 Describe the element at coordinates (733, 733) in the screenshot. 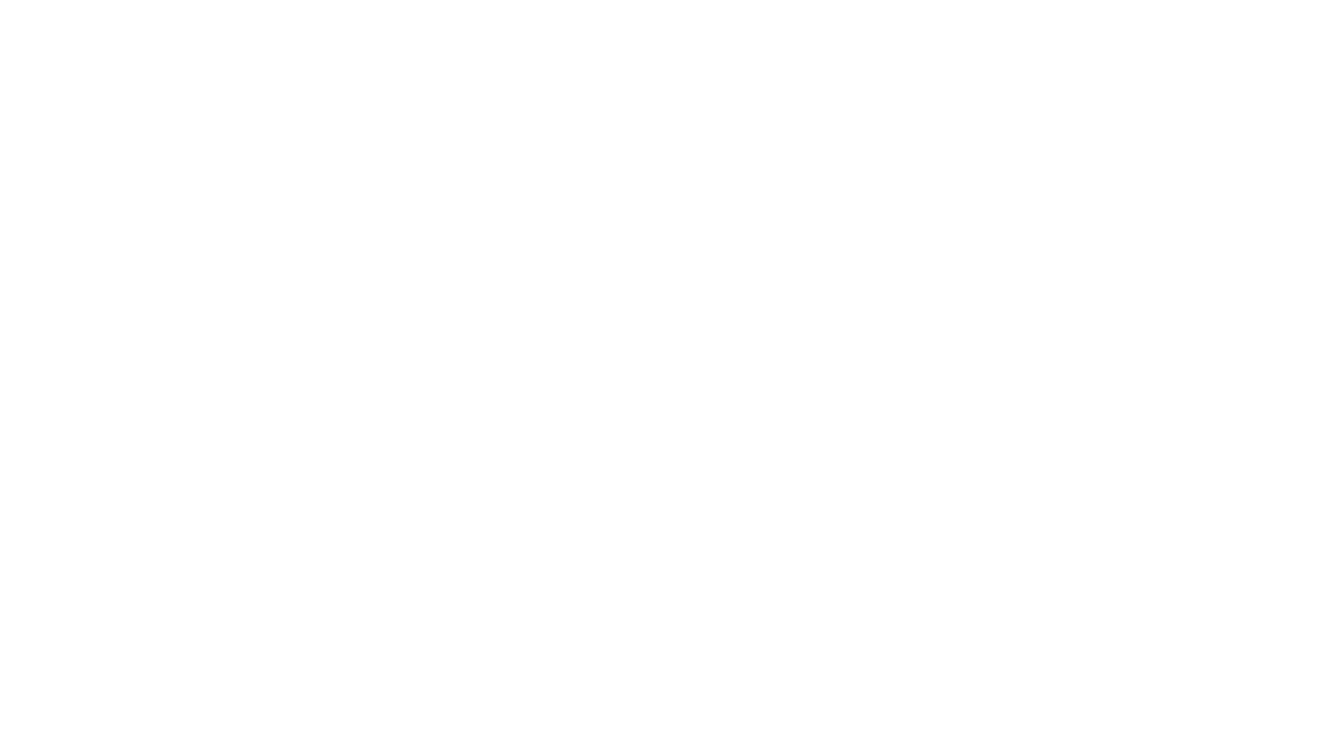

I see `'Cloudflare'` at that location.